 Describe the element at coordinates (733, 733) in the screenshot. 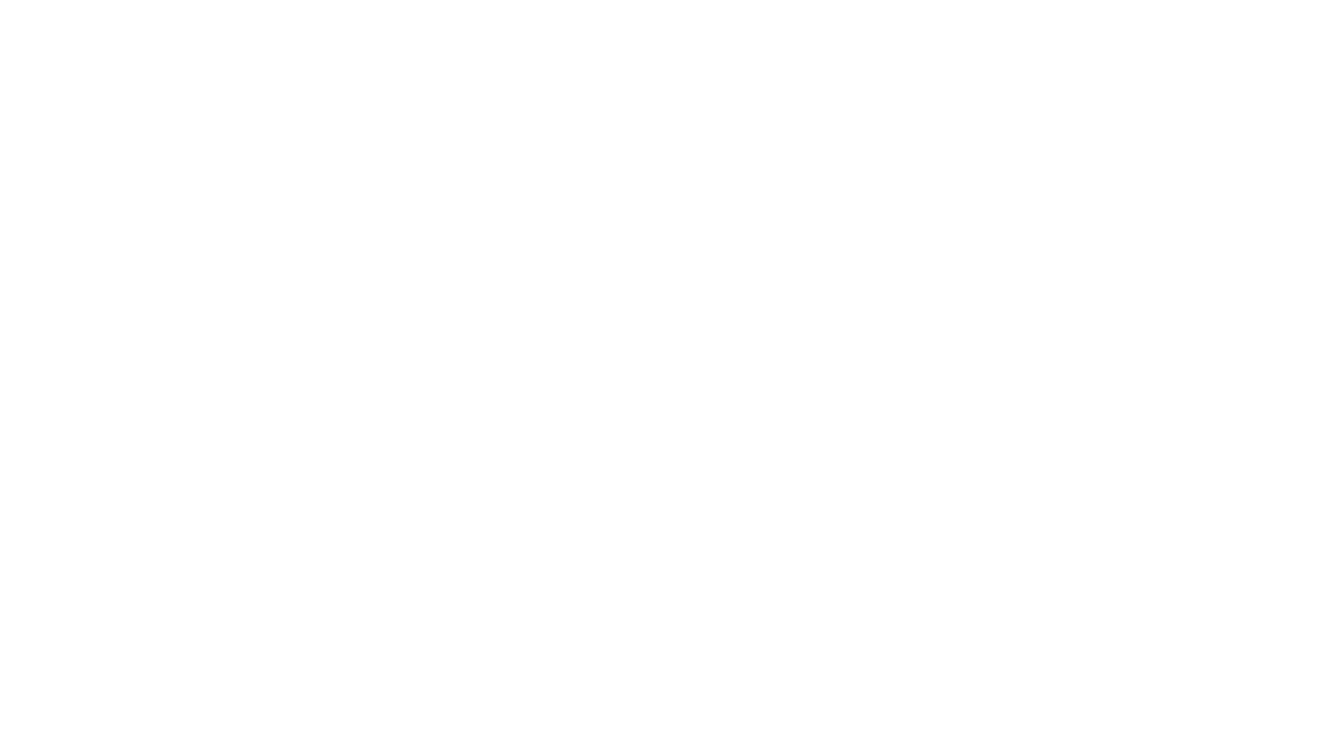

I see `'Cloudflare'` at that location.